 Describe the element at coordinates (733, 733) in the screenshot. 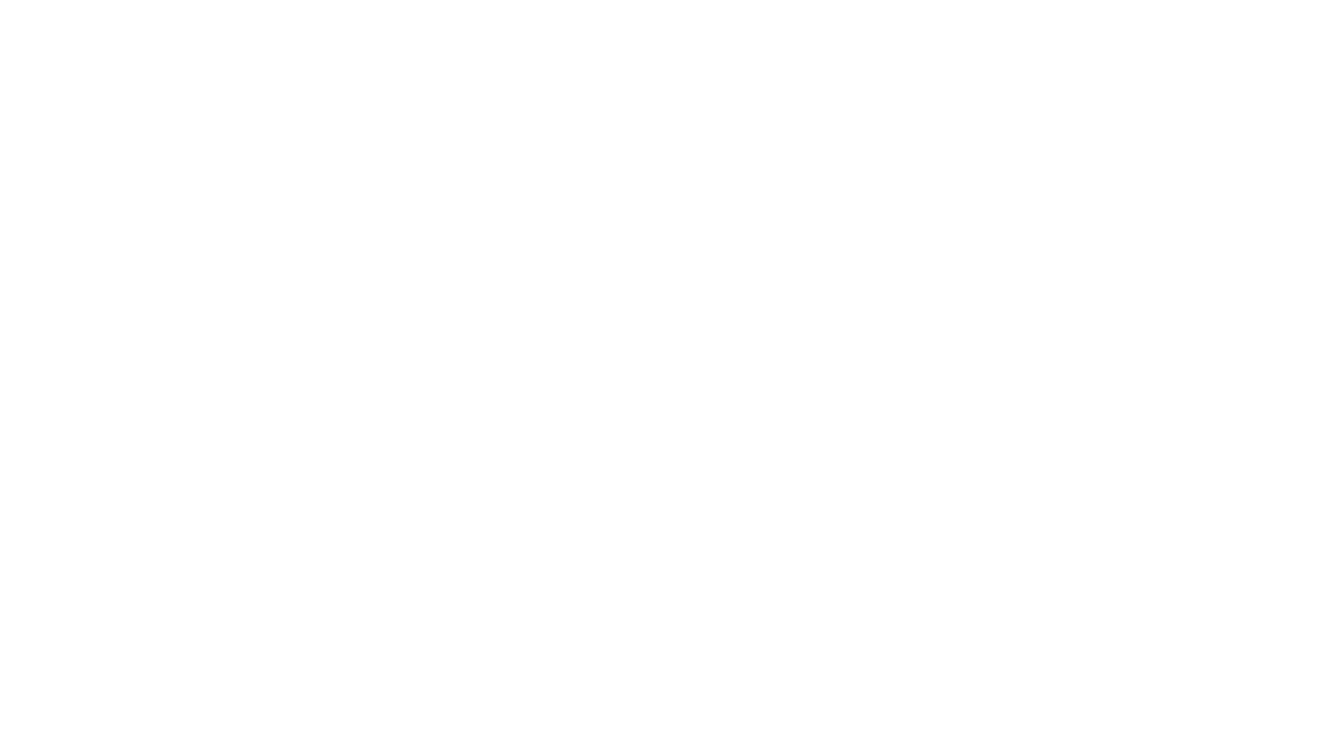

I see `'Cloudflare'` at that location.